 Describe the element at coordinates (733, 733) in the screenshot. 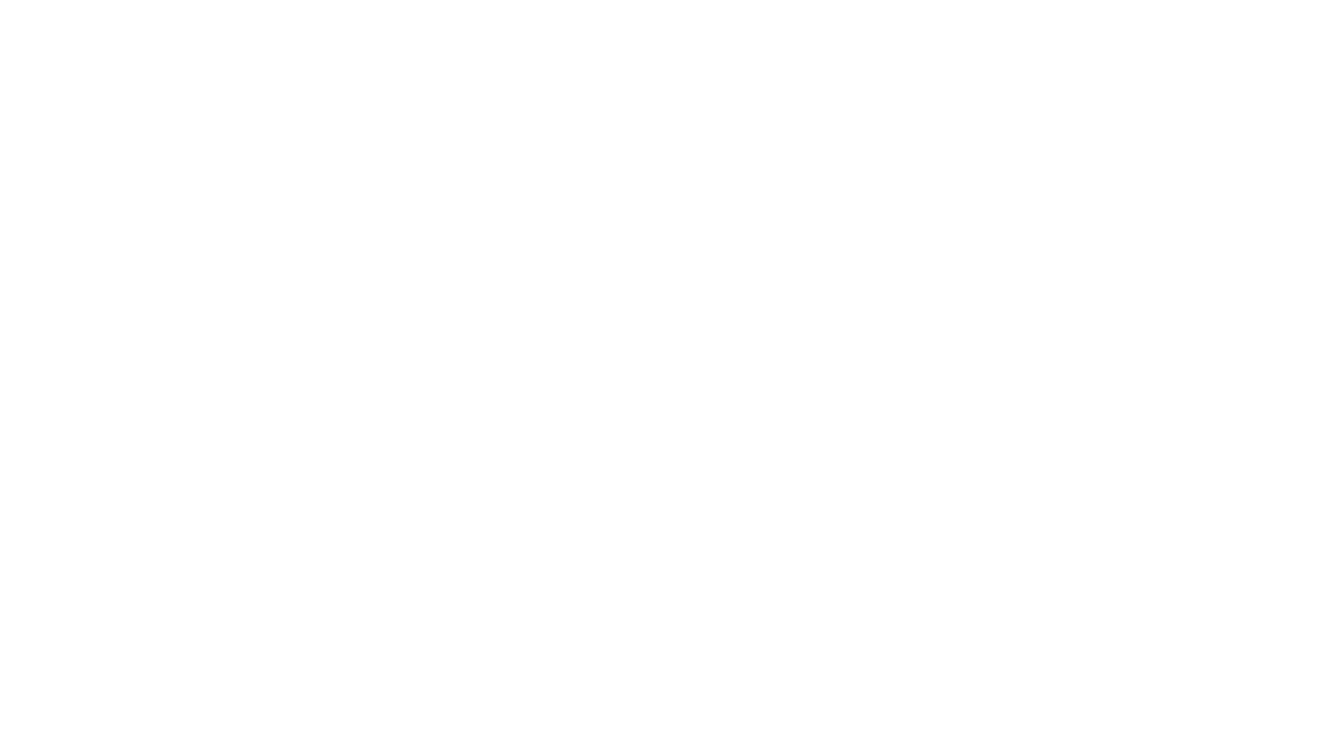

I see `'Cloudflare'` at that location.